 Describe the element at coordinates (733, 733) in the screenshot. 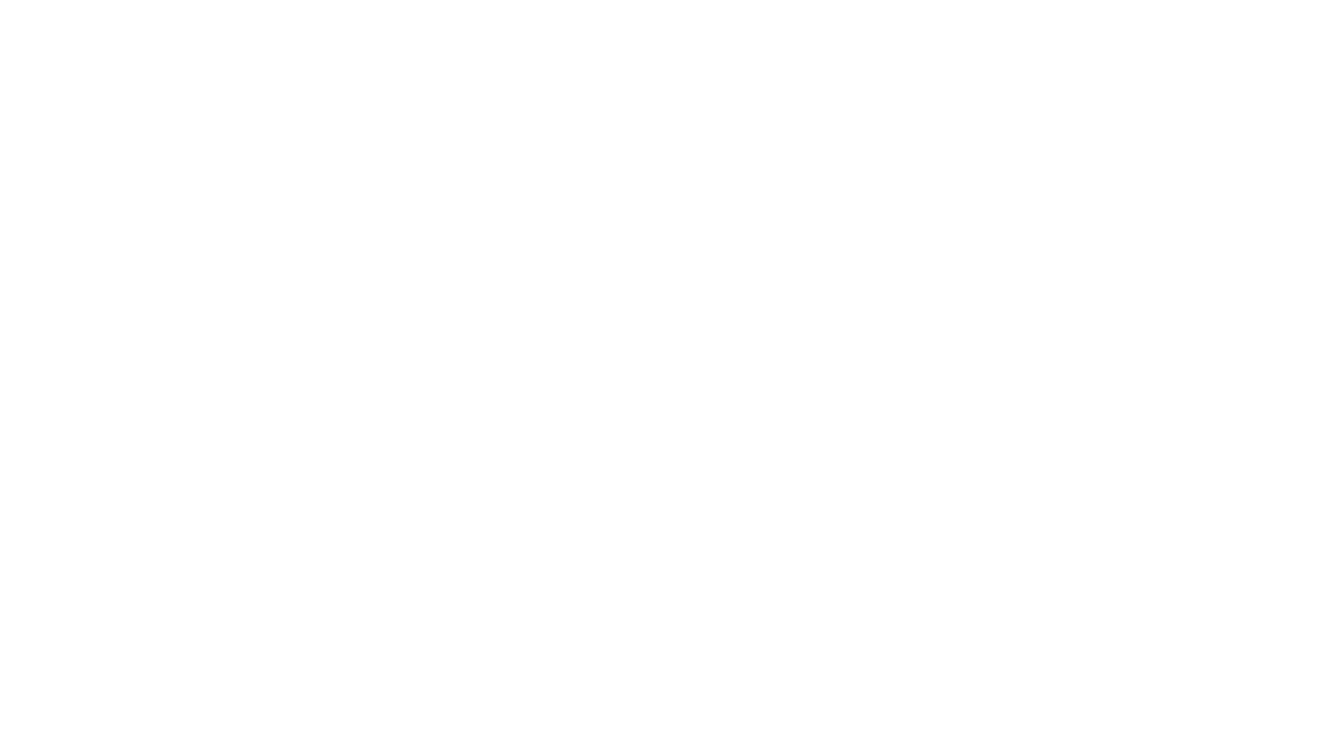

I see `'Cloudflare'` at that location.